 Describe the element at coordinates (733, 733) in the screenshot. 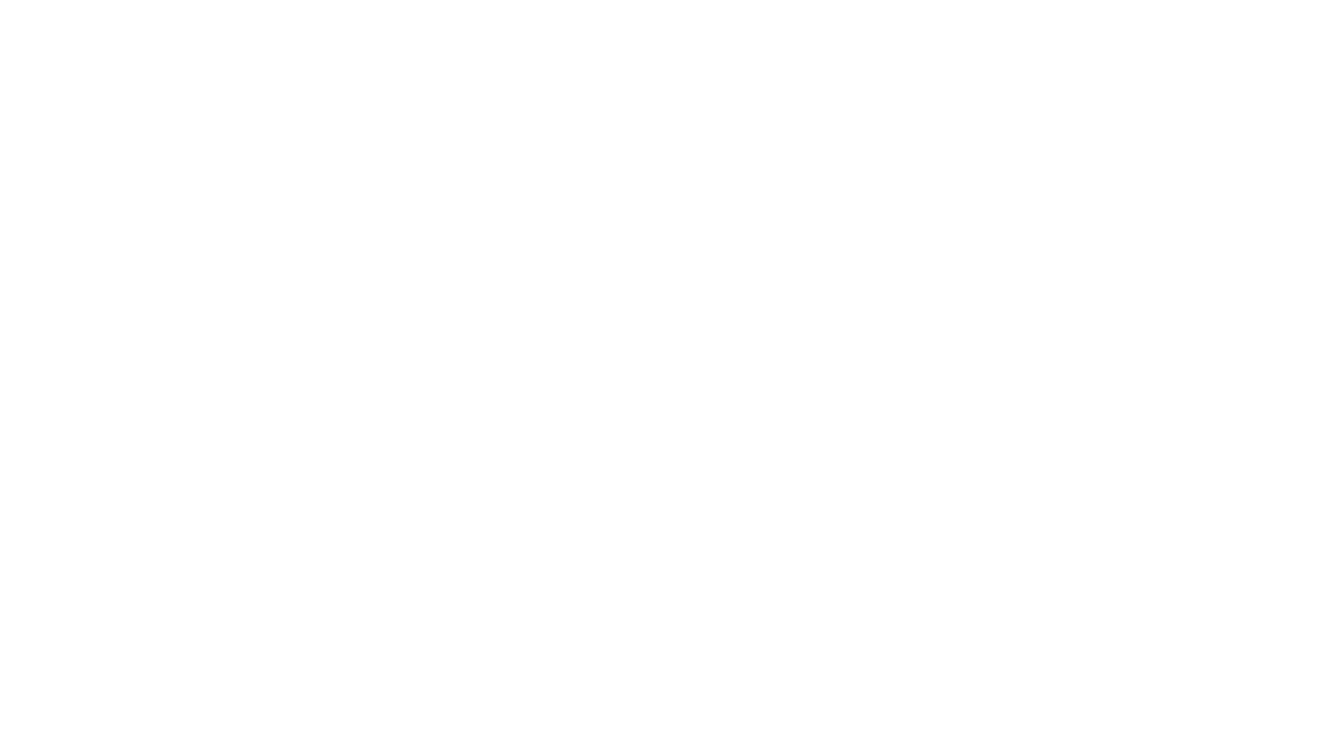

I see `'Cloudflare'` at that location.